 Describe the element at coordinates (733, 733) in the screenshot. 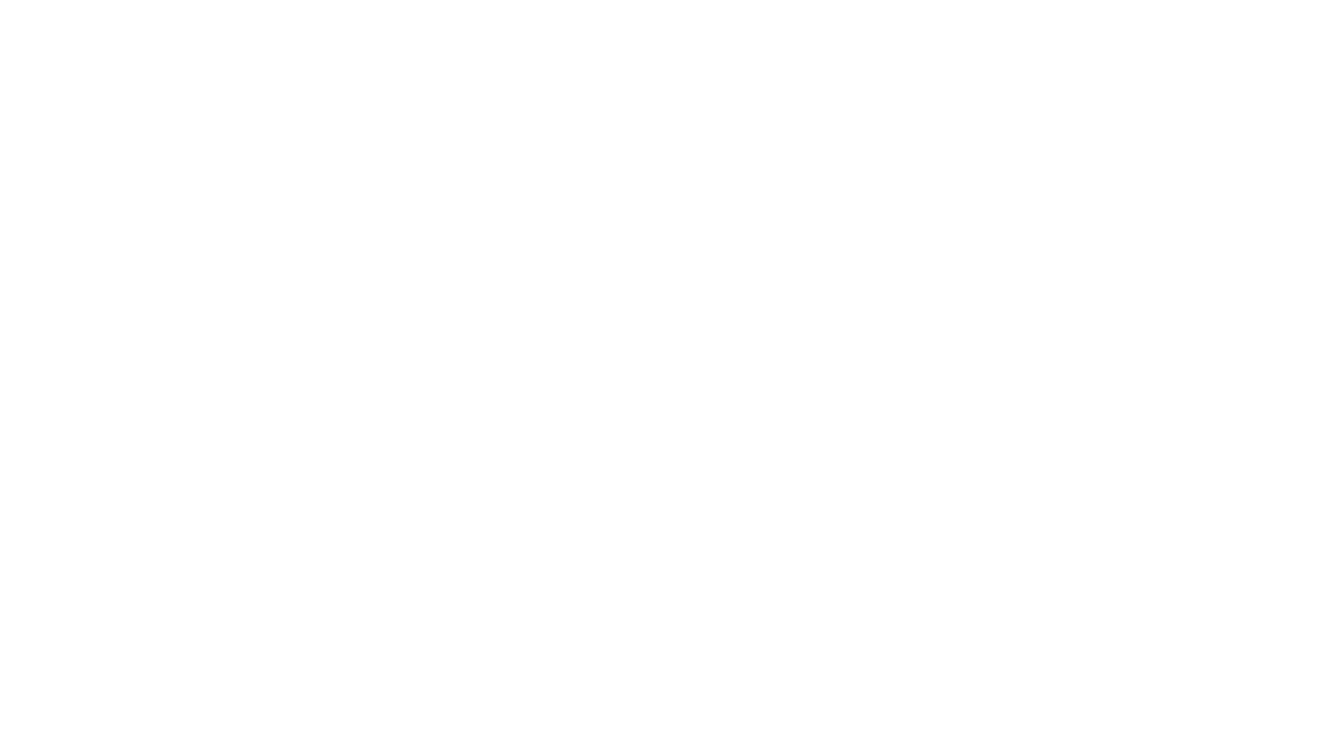

I see `'Cloudflare'` at that location.